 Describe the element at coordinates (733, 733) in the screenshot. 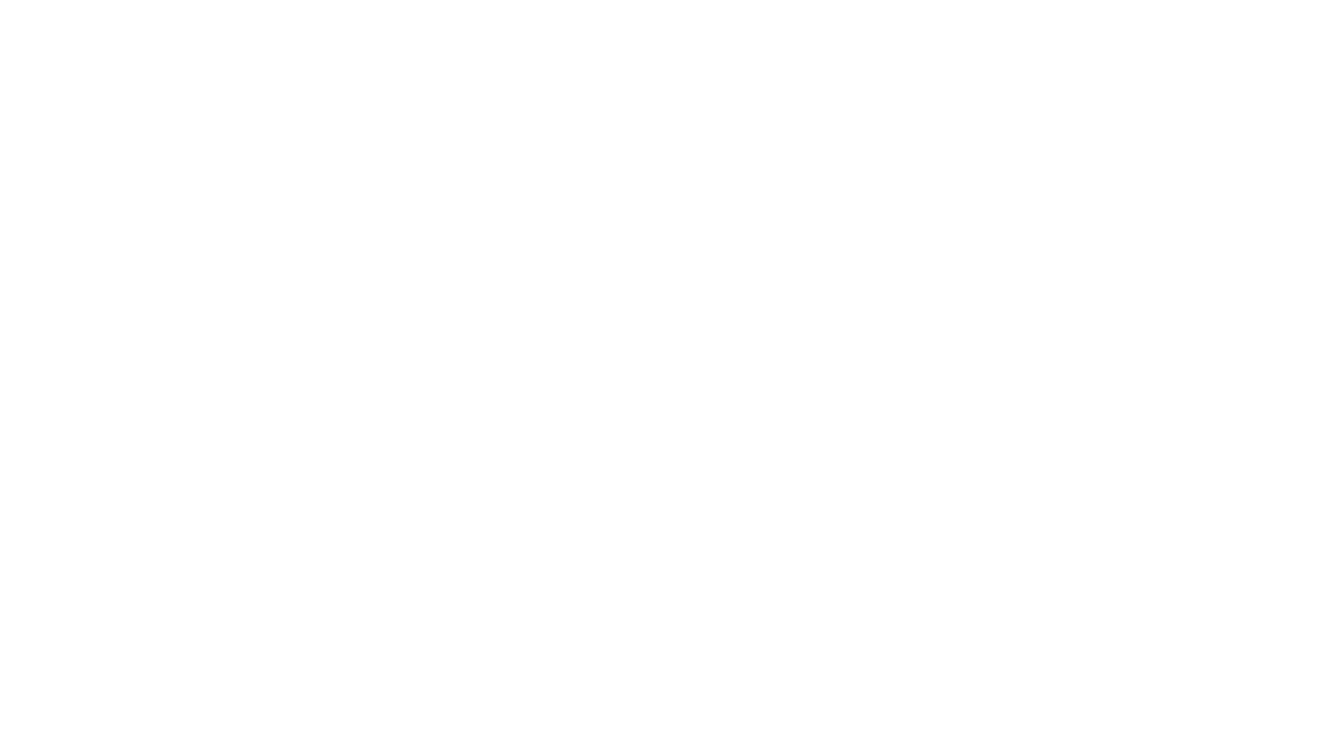

I see `'Cloudflare'` at that location.